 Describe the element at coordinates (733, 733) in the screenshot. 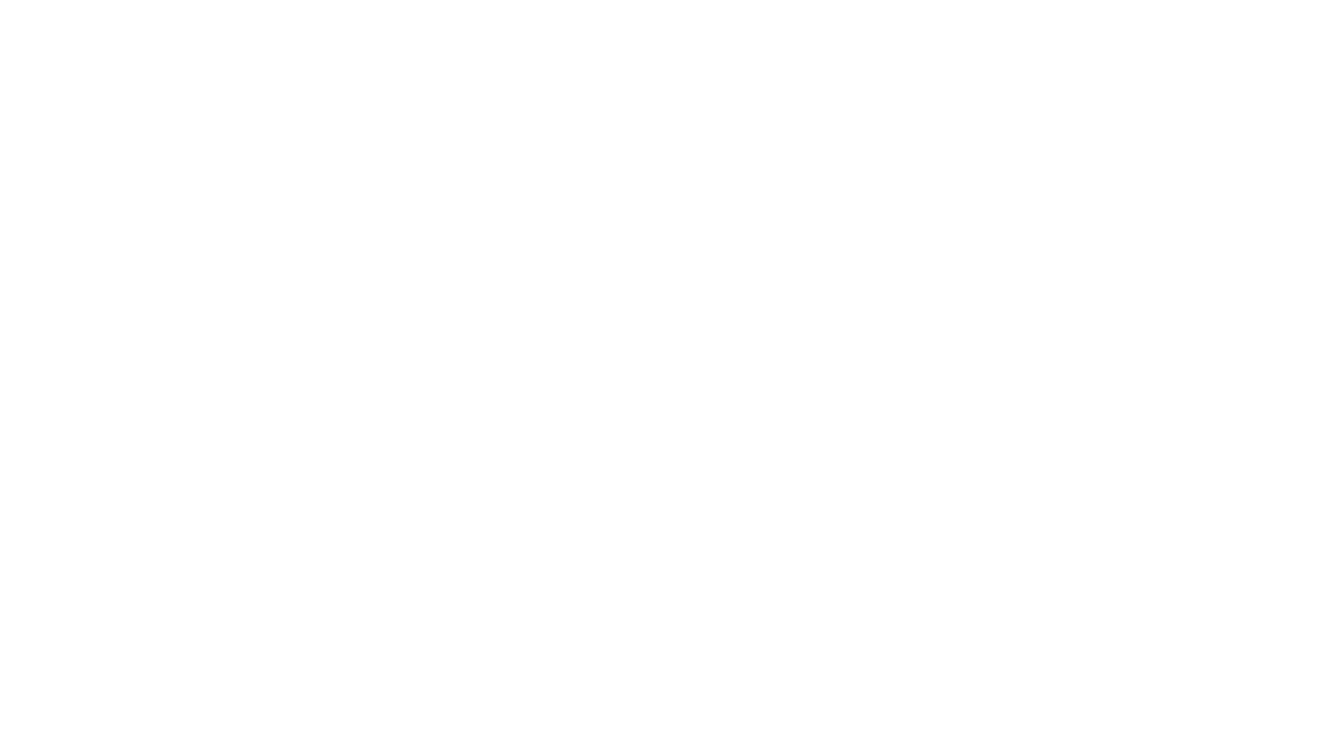

I see `'Cloudflare'` at that location.